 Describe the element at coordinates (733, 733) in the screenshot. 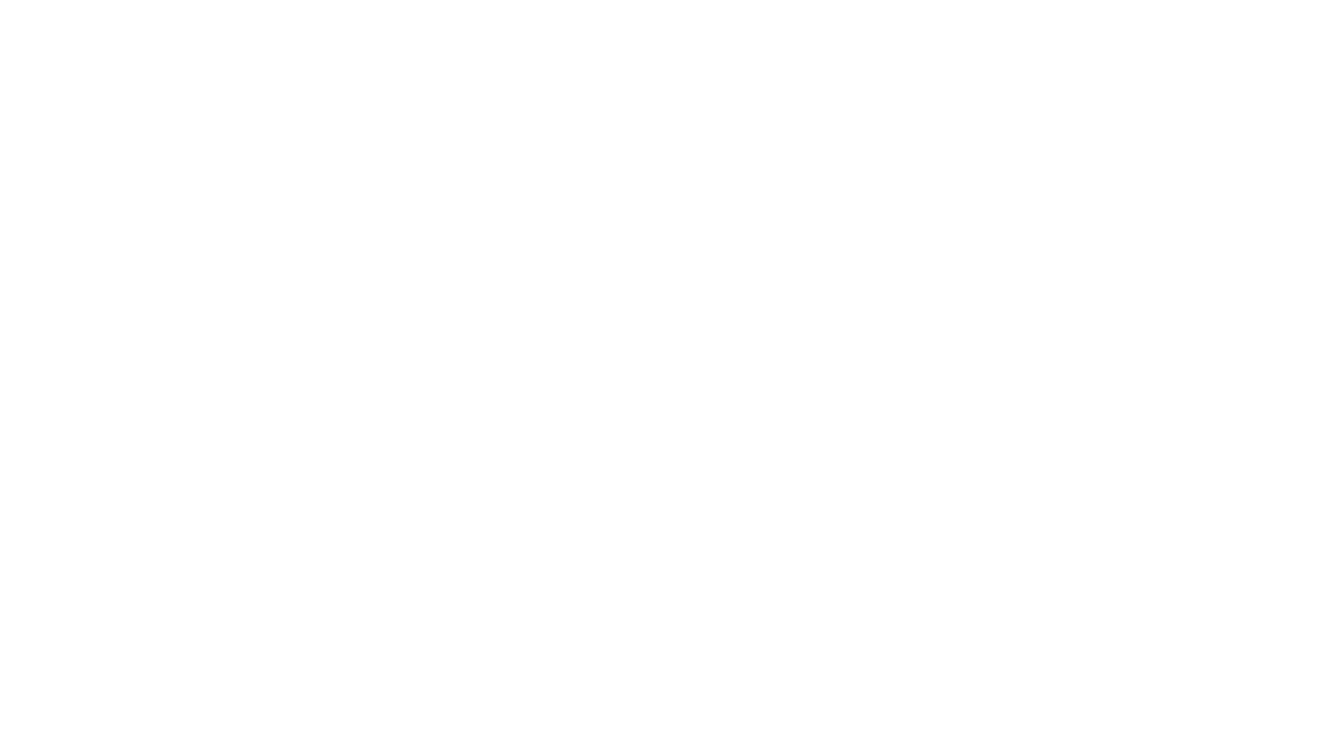

I see `'Cloudflare'` at that location.